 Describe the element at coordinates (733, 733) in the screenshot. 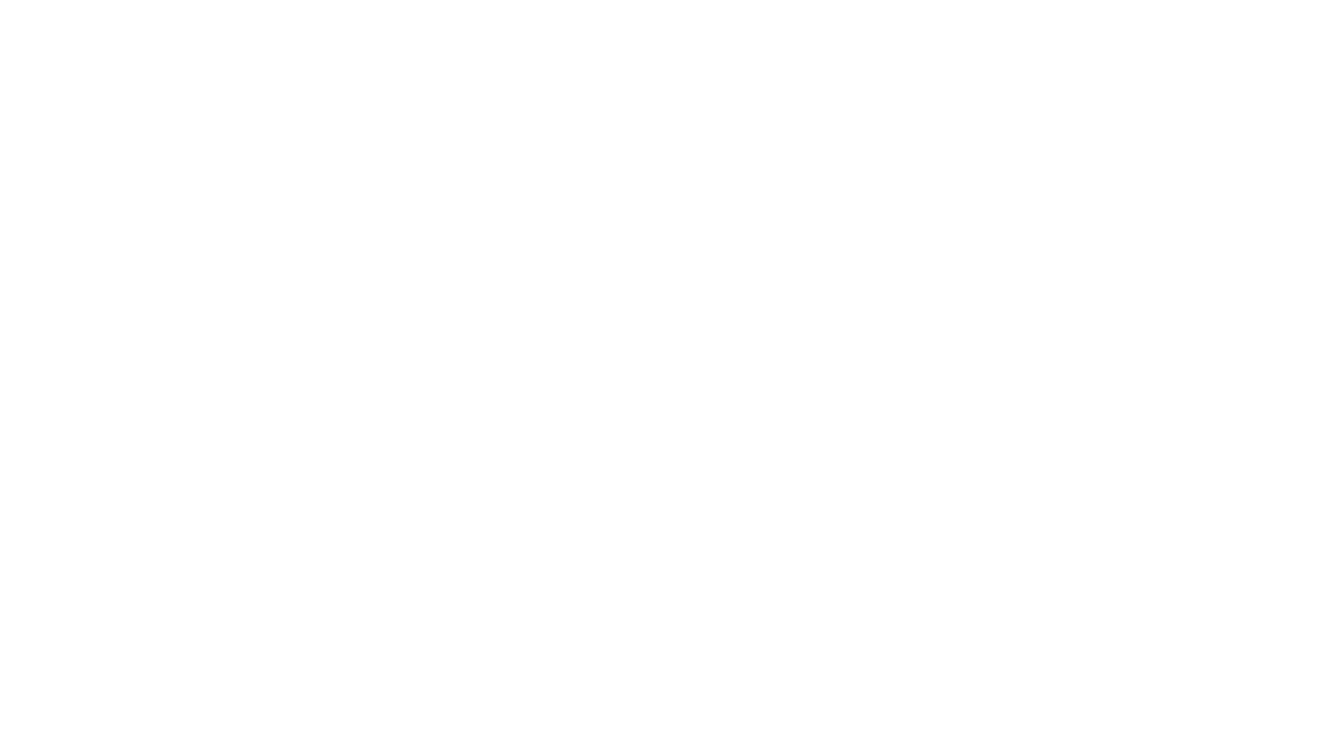

I see `'Cloudflare'` at that location.